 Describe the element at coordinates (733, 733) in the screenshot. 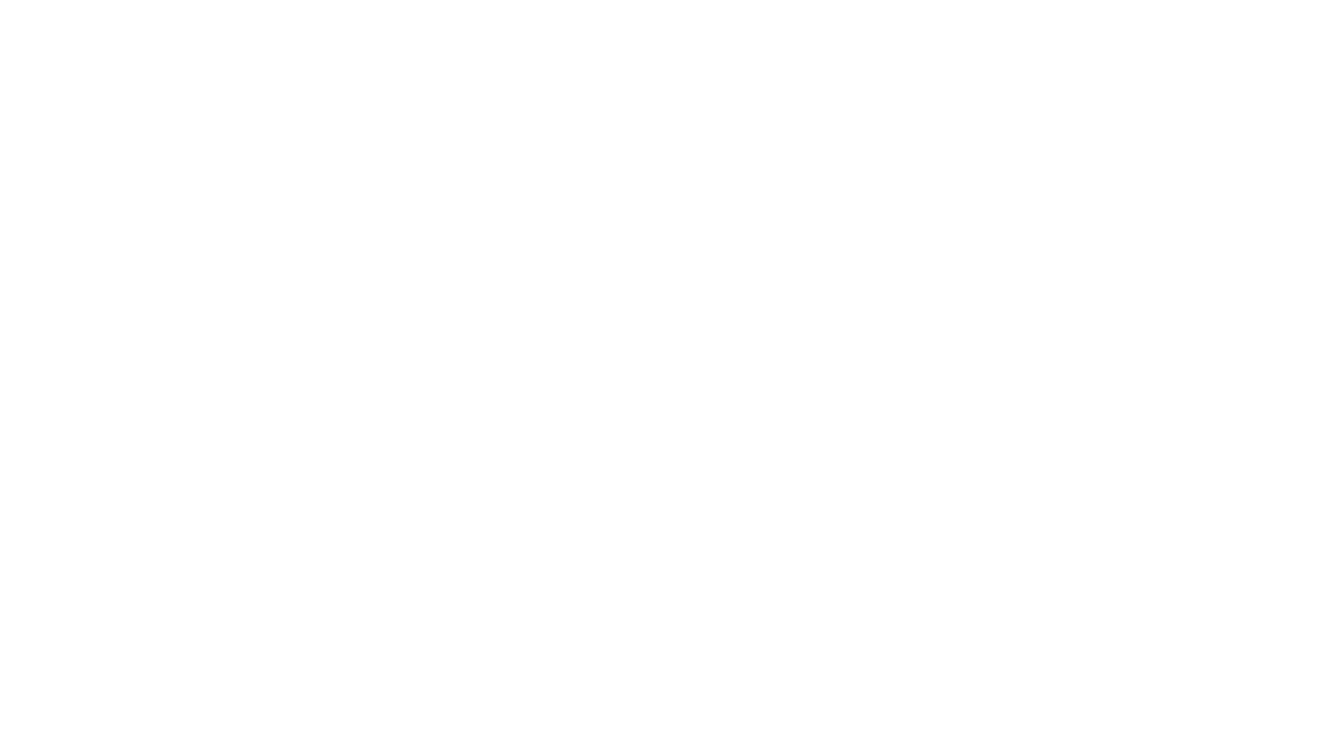

I see `'Cloudflare'` at that location.